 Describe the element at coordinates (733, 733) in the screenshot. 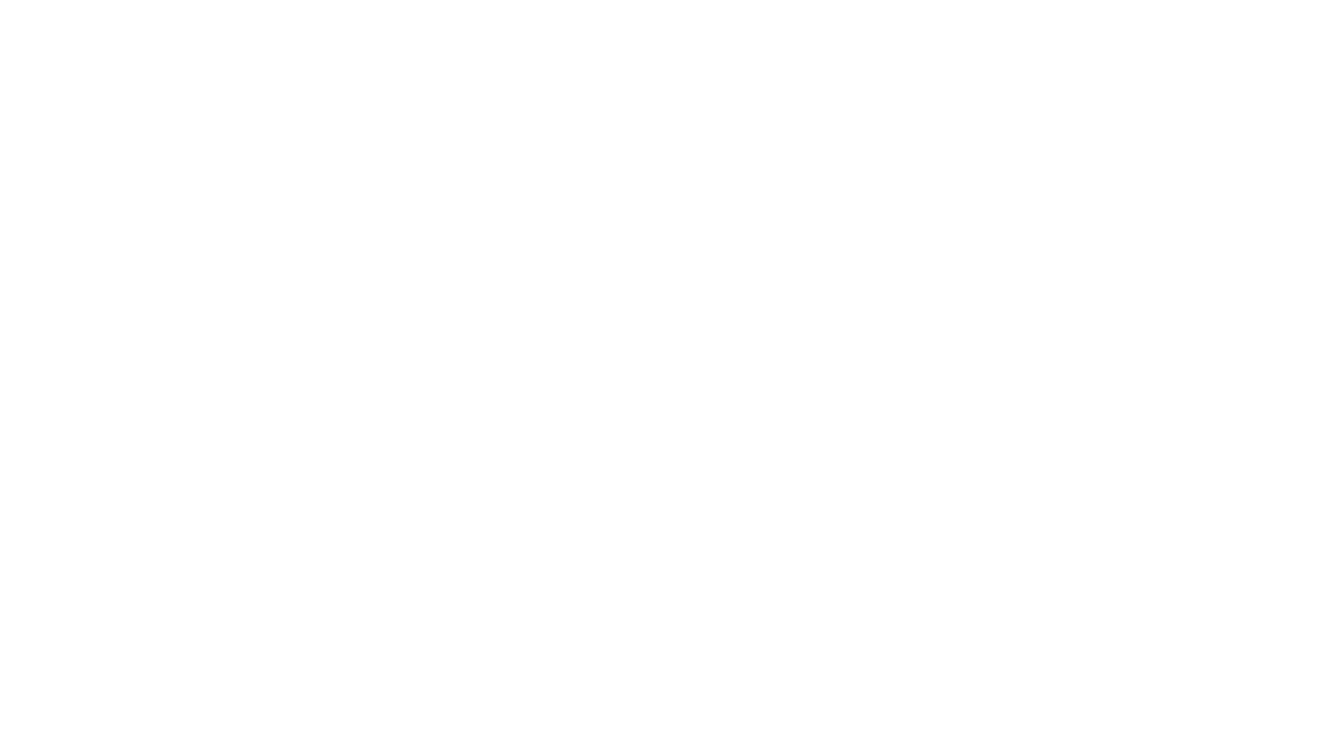

I see `'Cloudflare'` at that location.